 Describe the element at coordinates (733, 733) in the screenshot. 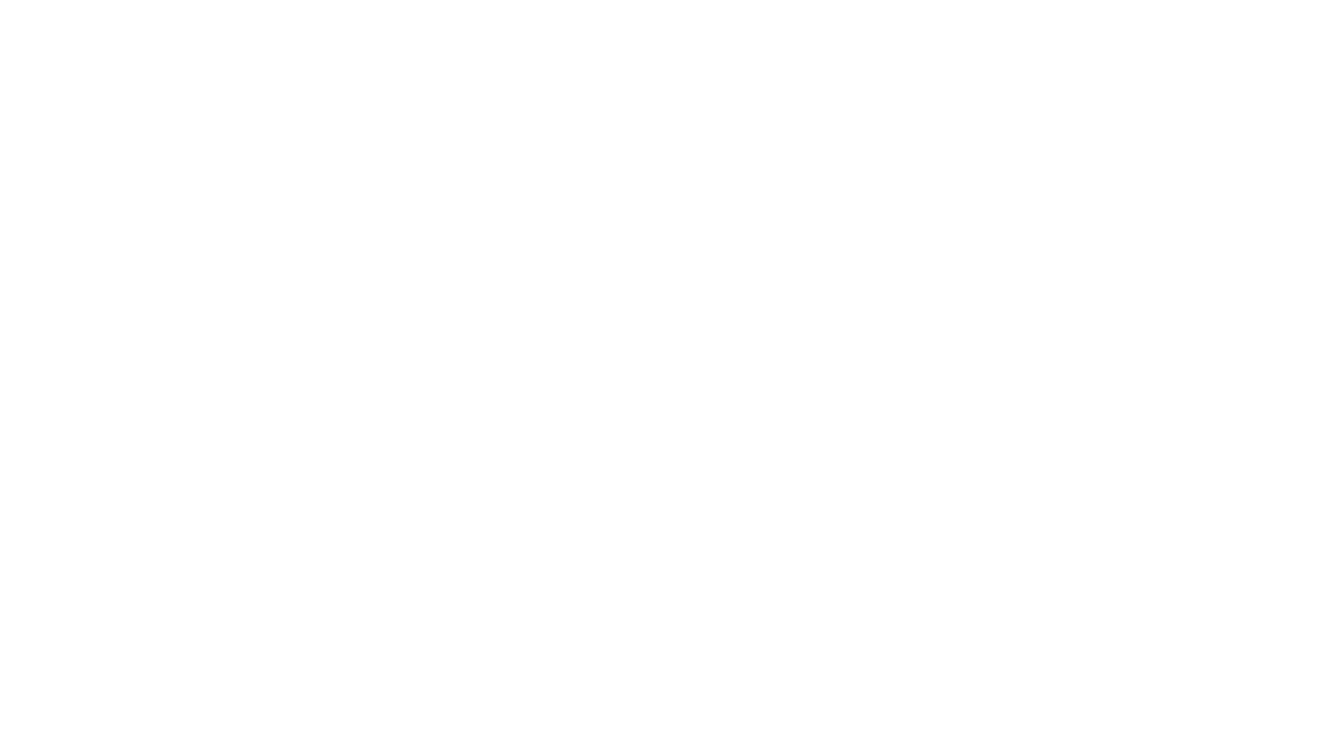

I see `'Cloudflare'` at that location.